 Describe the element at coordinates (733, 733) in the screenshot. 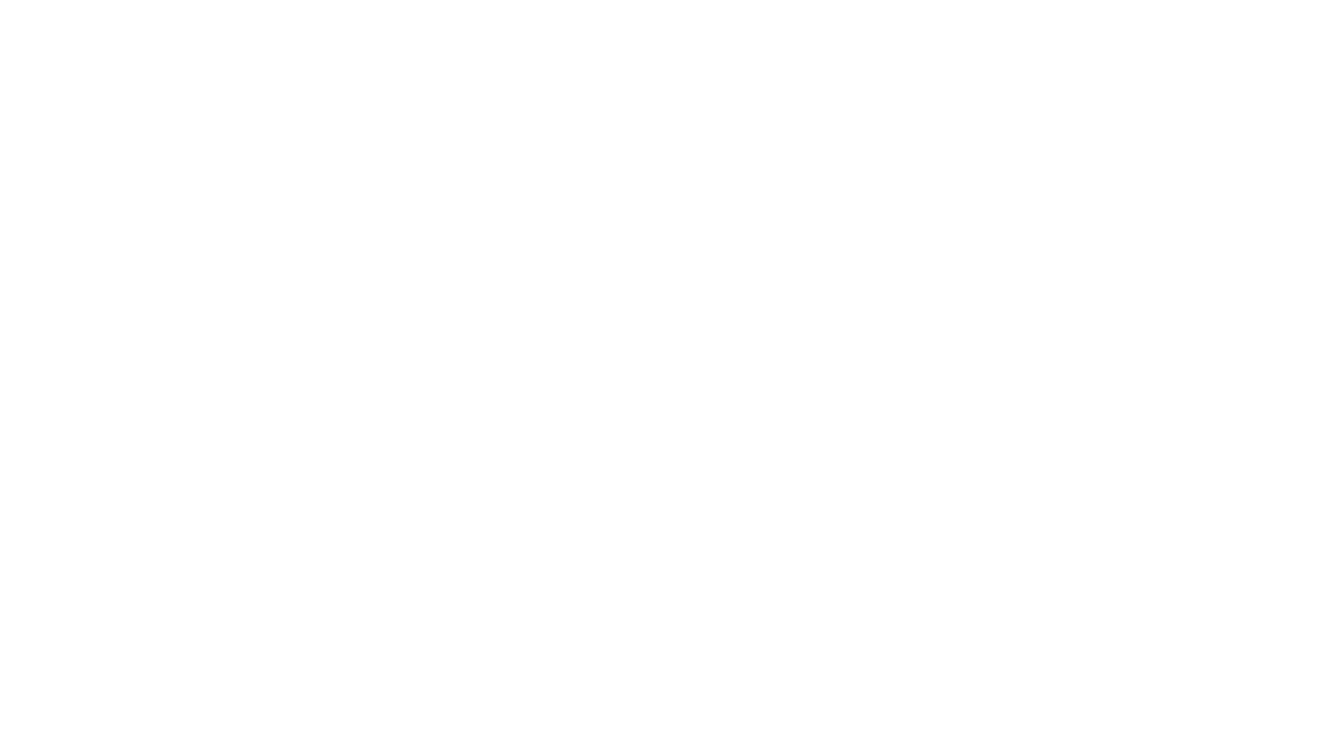

I see `'Cloudflare'` at that location.